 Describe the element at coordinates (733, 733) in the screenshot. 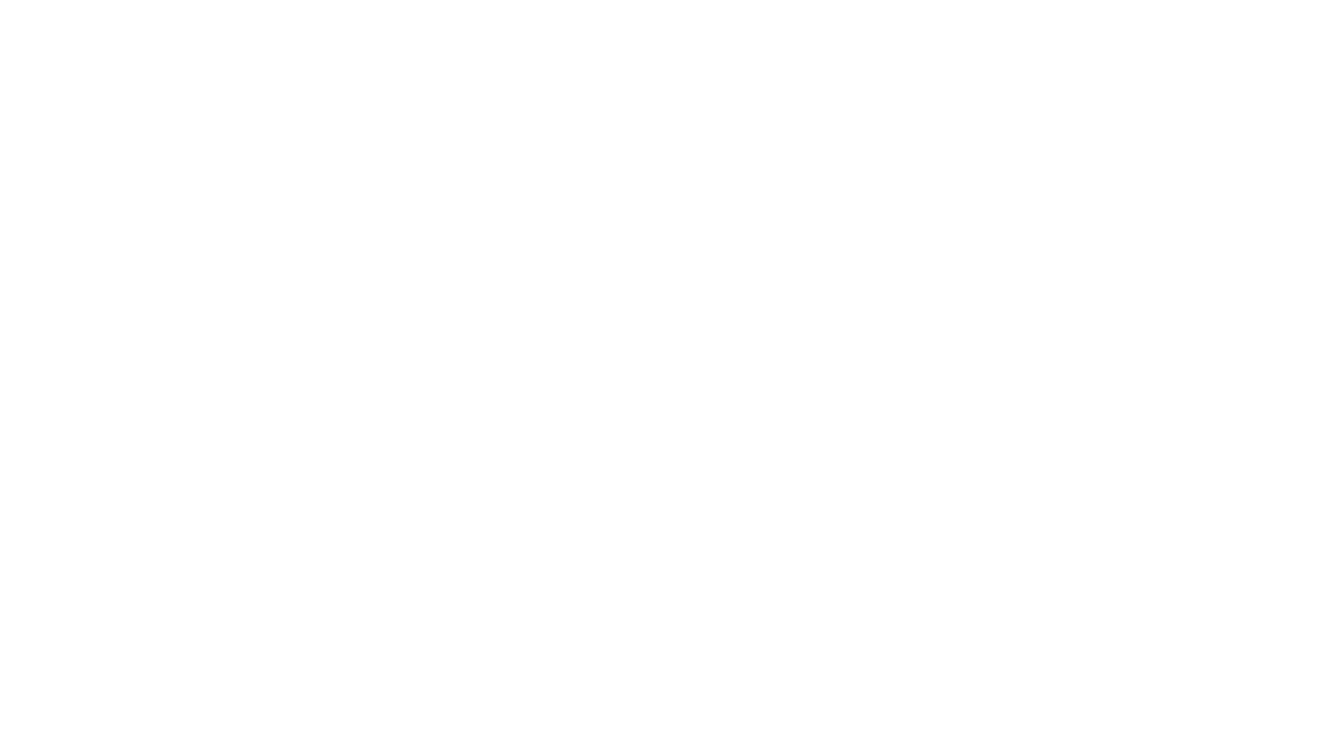

I see `'Cloudflare'` at that location.